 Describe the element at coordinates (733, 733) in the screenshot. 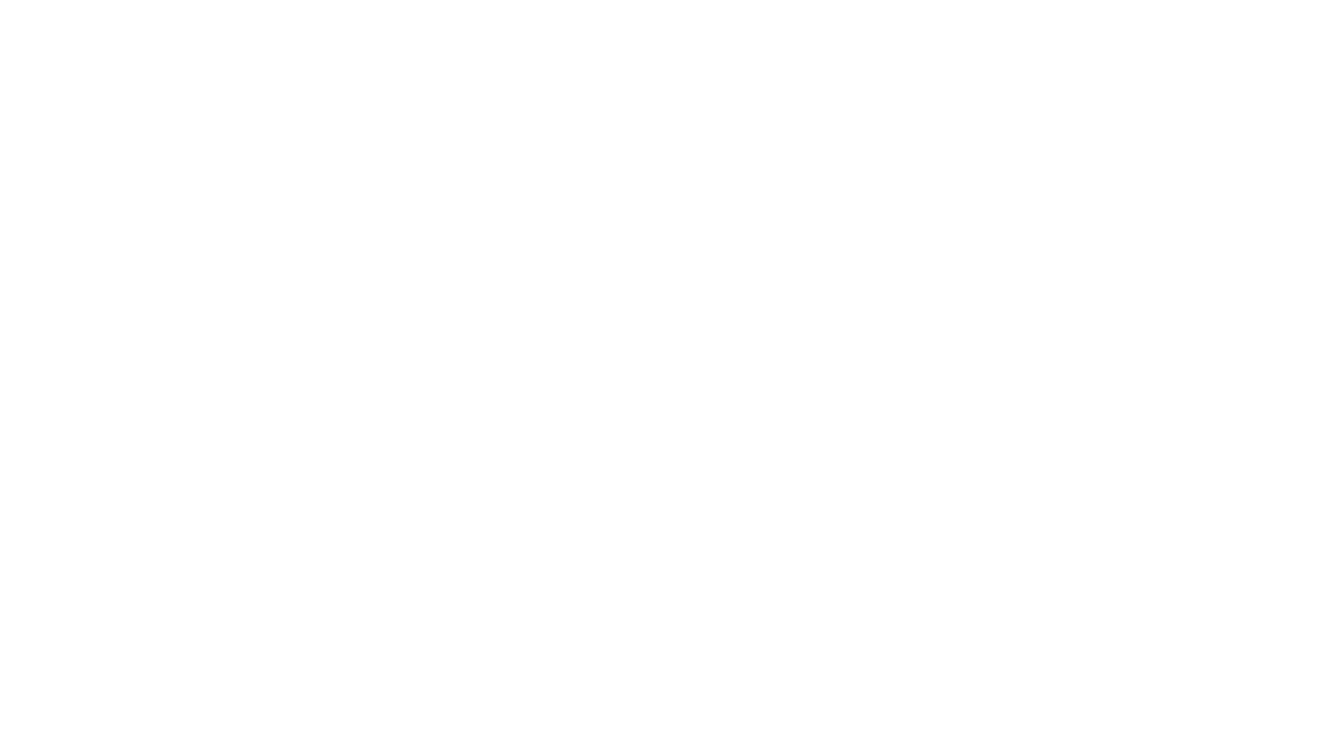

I see `'Cloudflare'` at that location.